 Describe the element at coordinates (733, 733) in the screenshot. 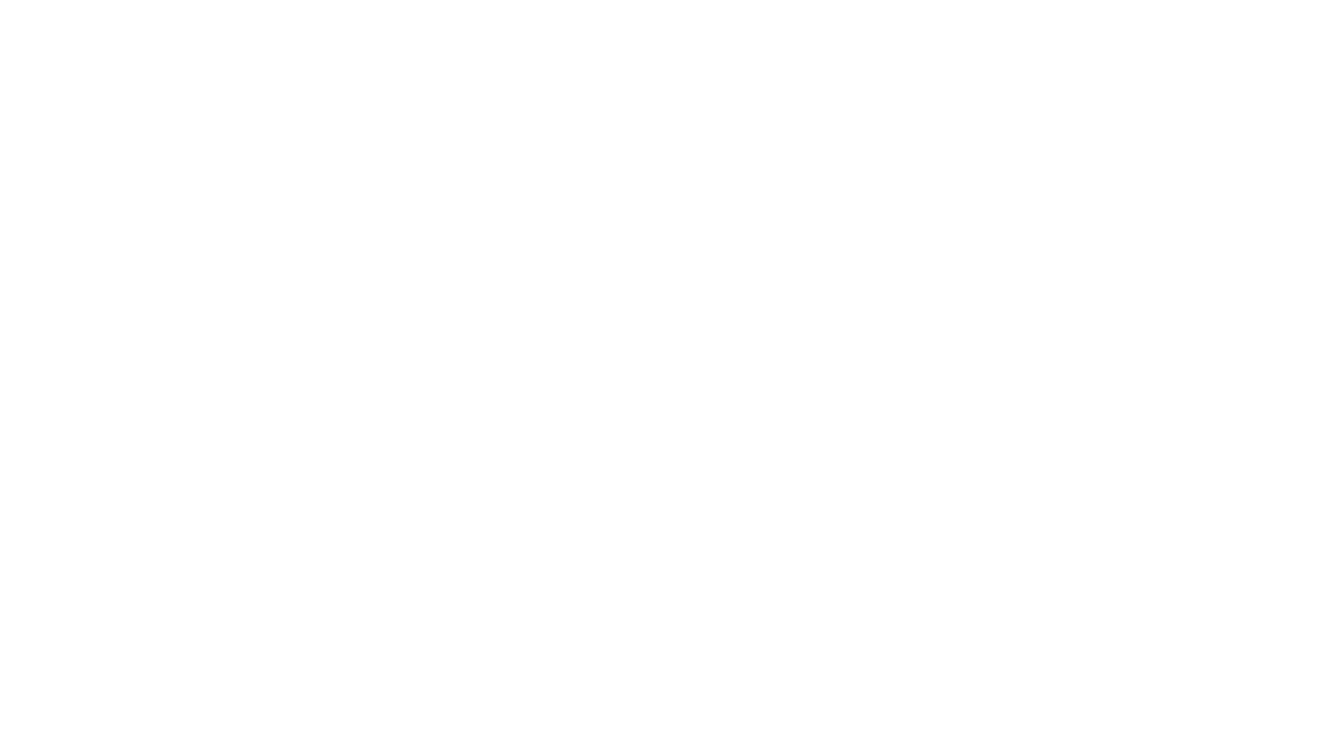

I see `'Cloudflare'` at that location.